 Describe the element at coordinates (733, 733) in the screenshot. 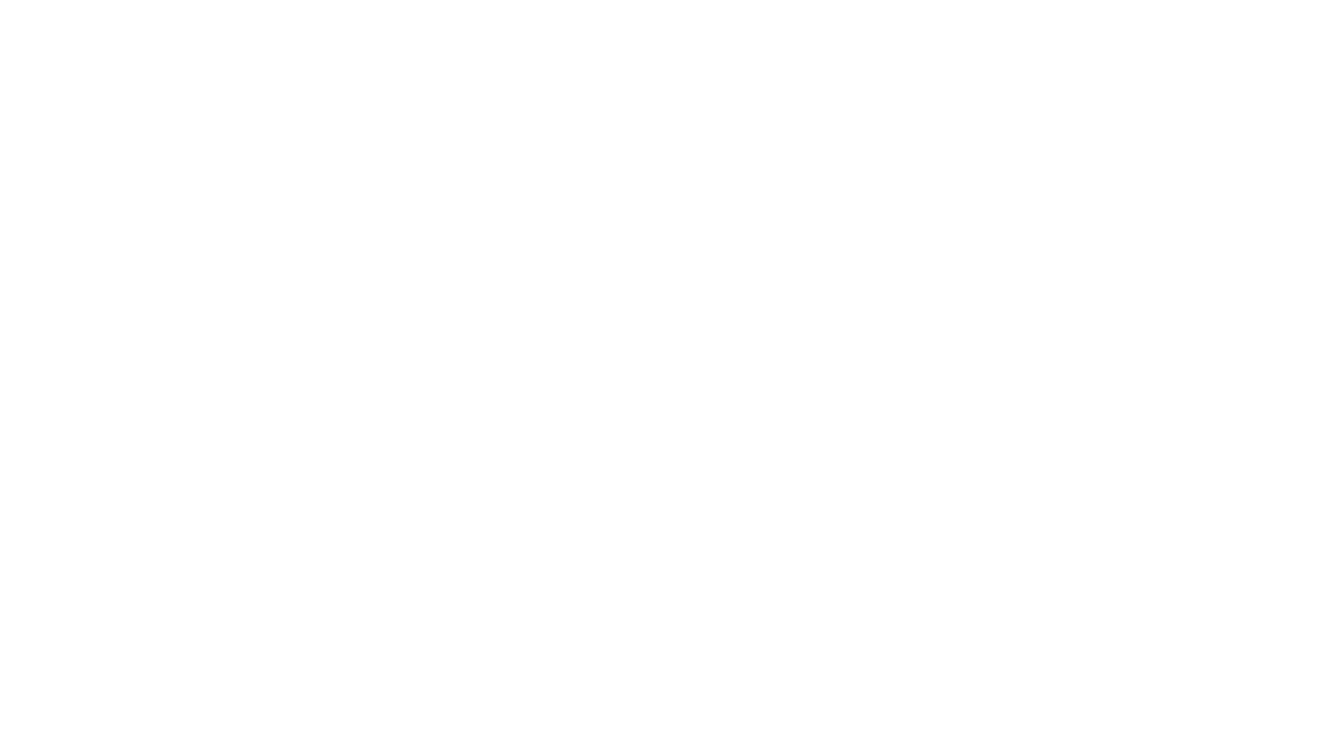

I see `'Cloudflare'` at that location.